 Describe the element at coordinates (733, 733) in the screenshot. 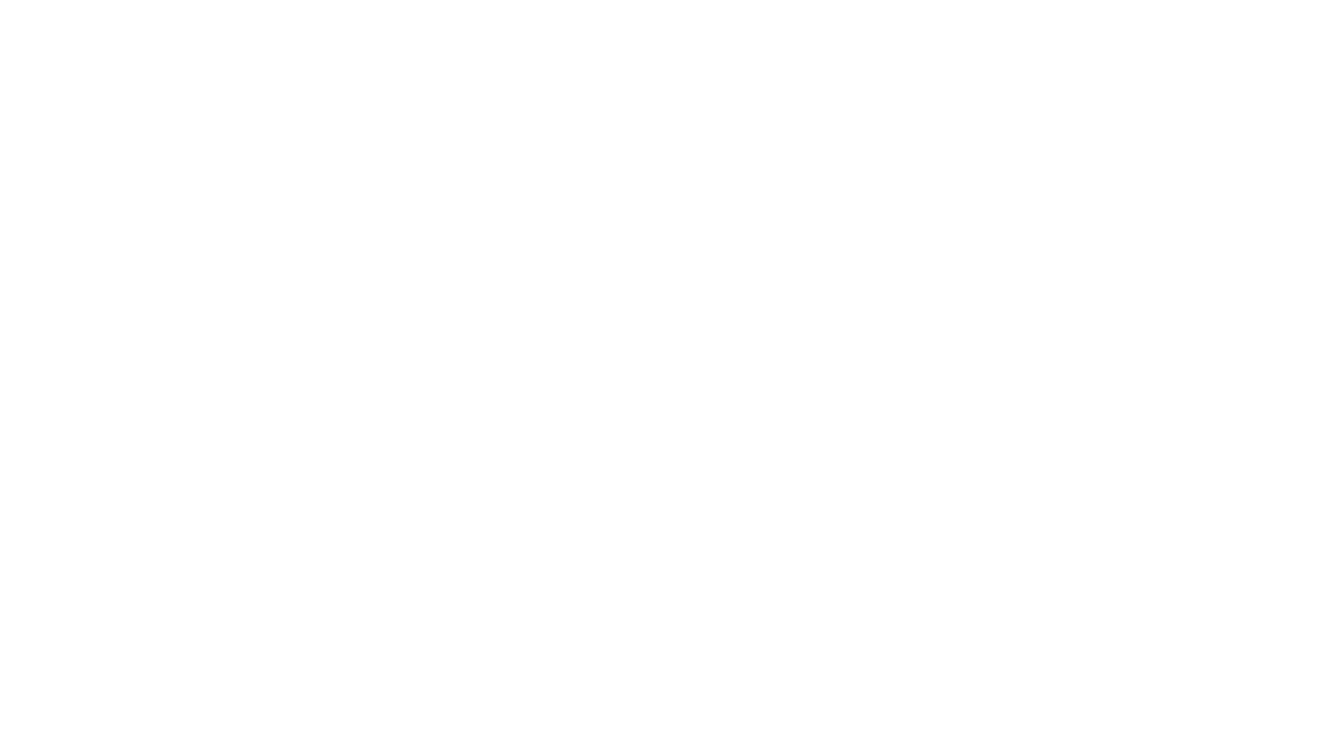

I see `'Cloudflare'` at that location.